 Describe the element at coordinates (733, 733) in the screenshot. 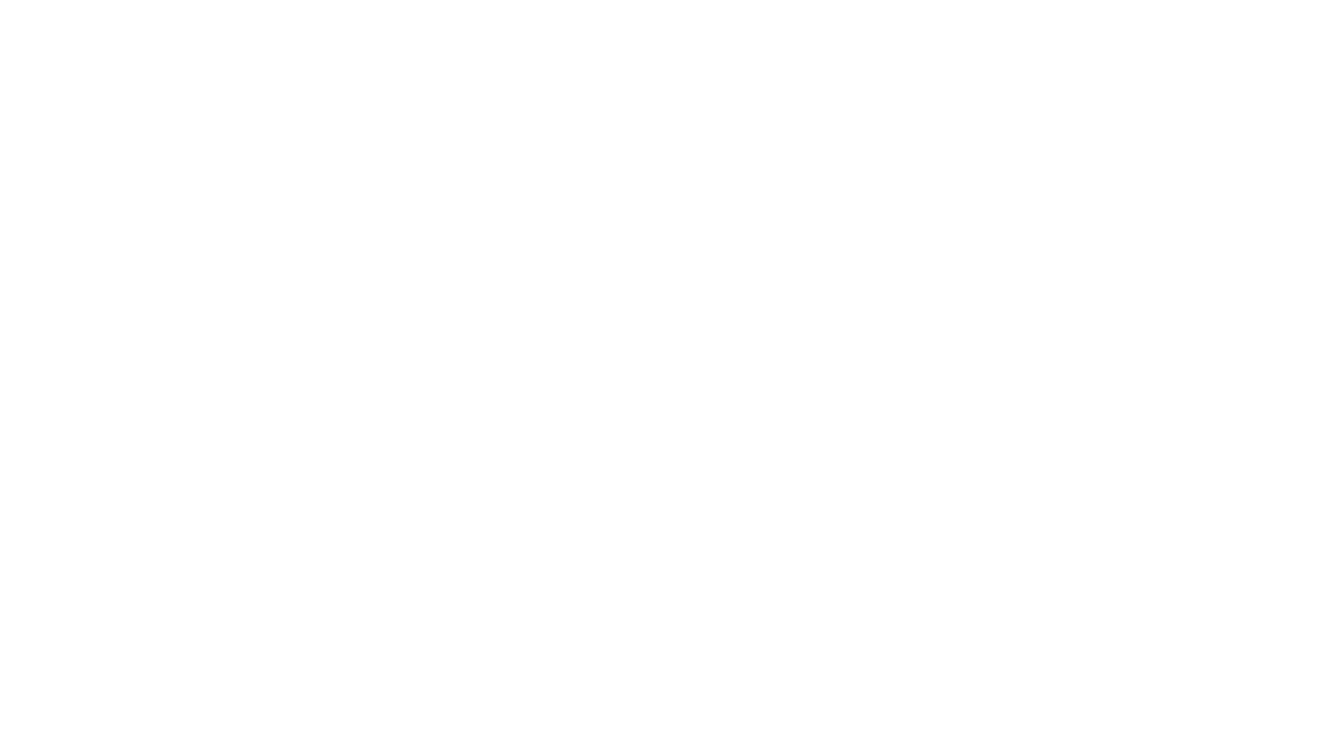

I see `'Cloudflare'` at that location.